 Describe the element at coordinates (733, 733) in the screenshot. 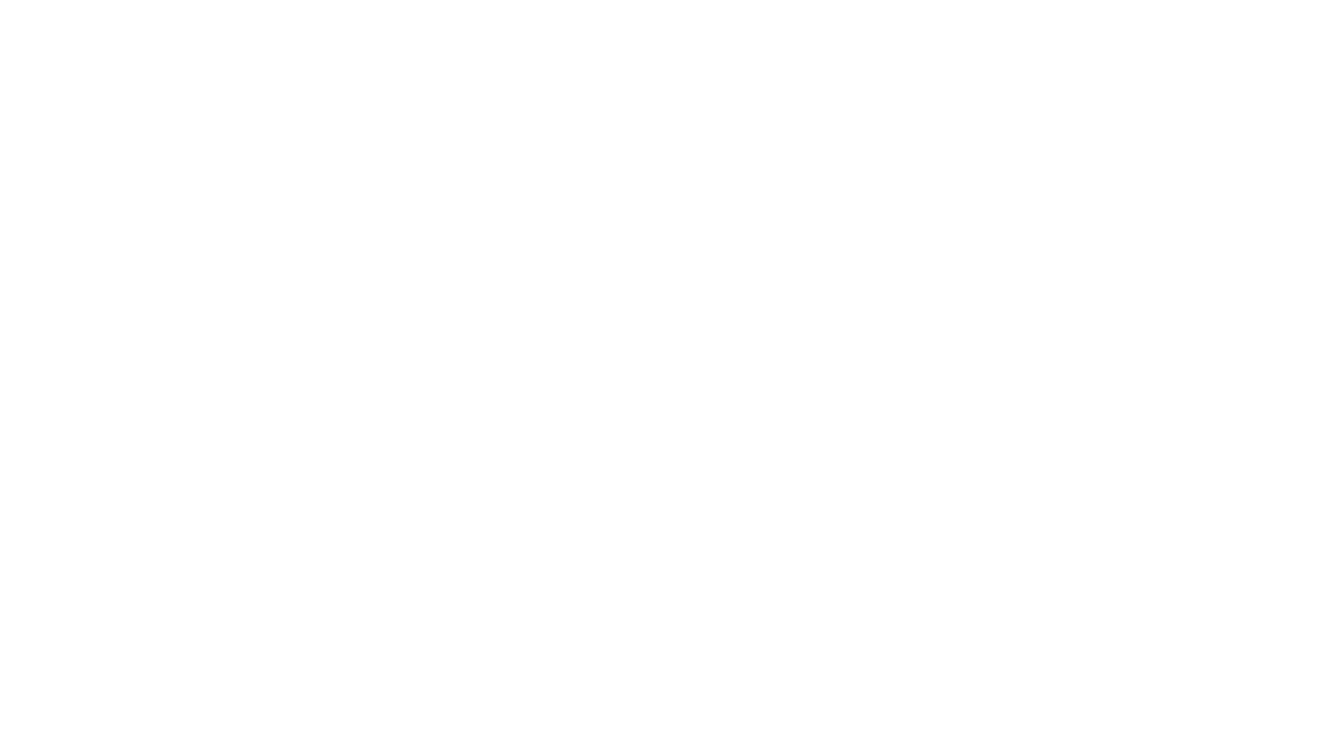

I see `'Cloudflare'` at that location.